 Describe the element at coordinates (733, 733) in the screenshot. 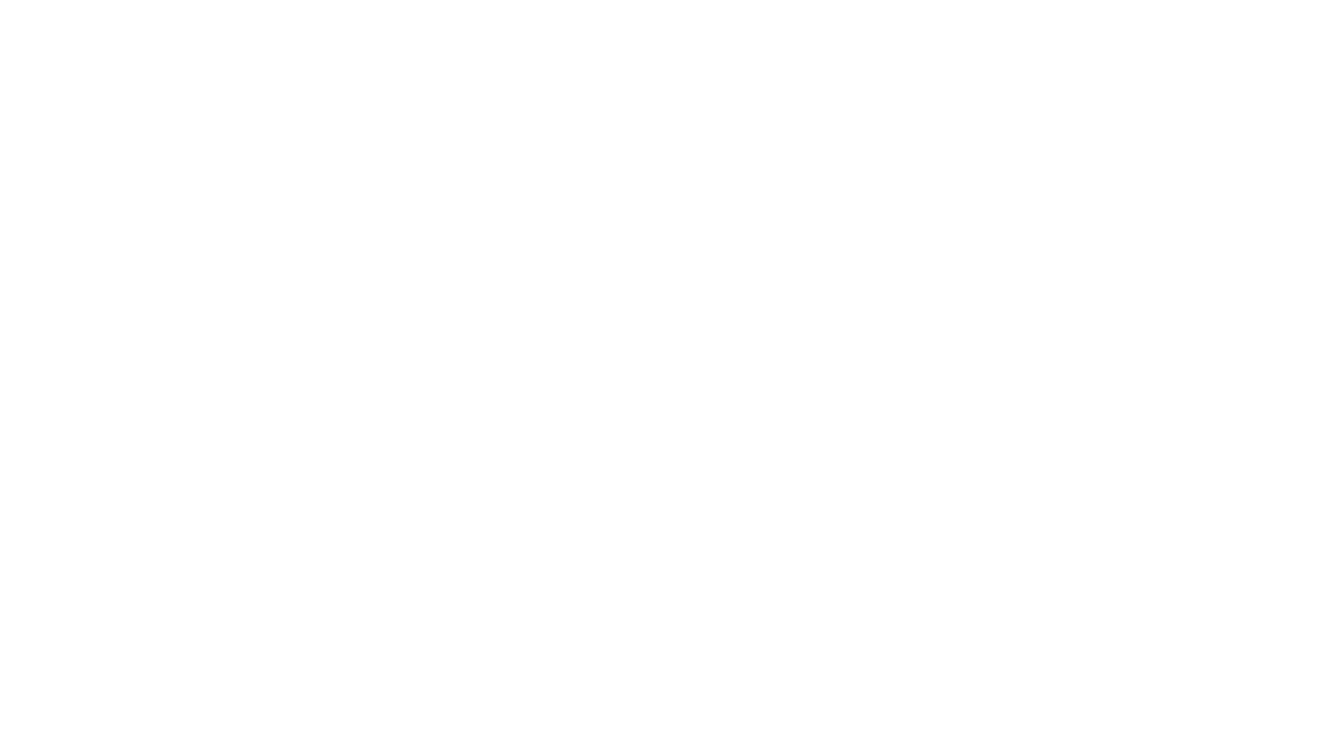

I see `'Cloudflare'` at that location.